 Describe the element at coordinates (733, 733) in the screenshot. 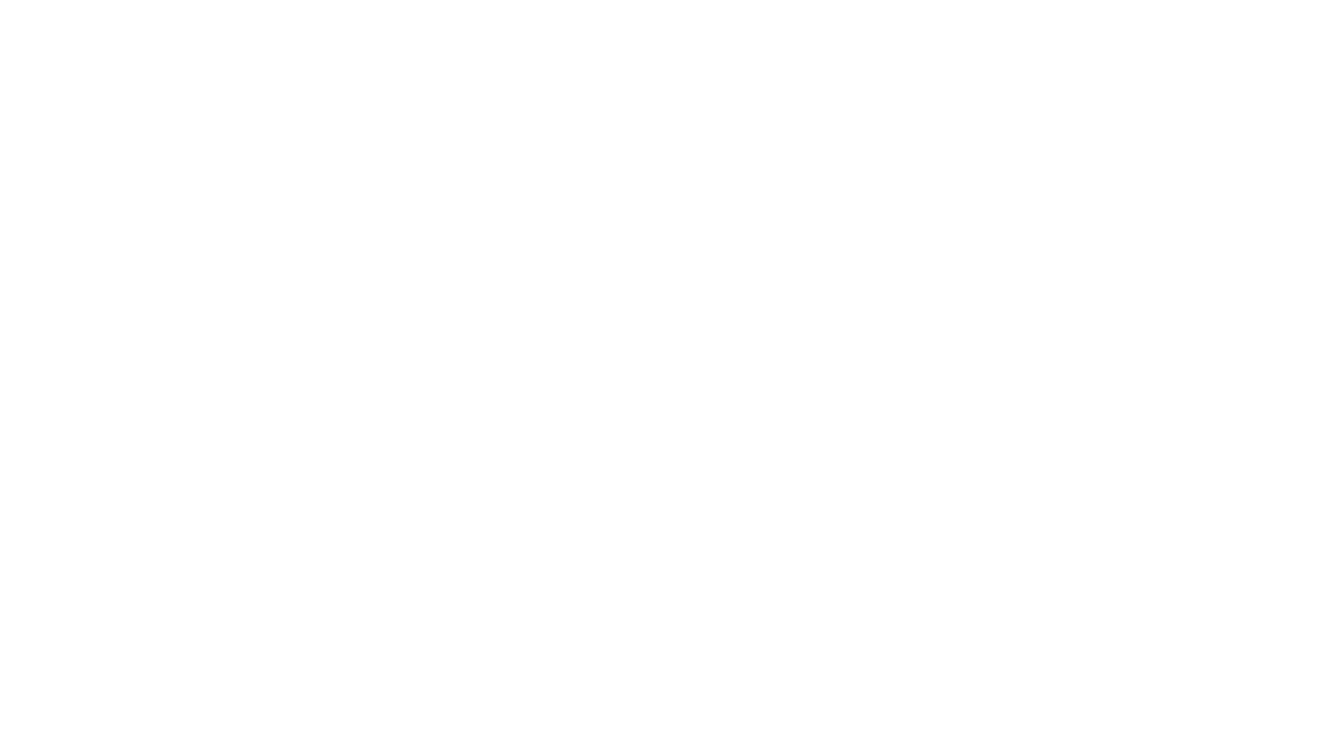

I see `'Cloudflare'` at that location.